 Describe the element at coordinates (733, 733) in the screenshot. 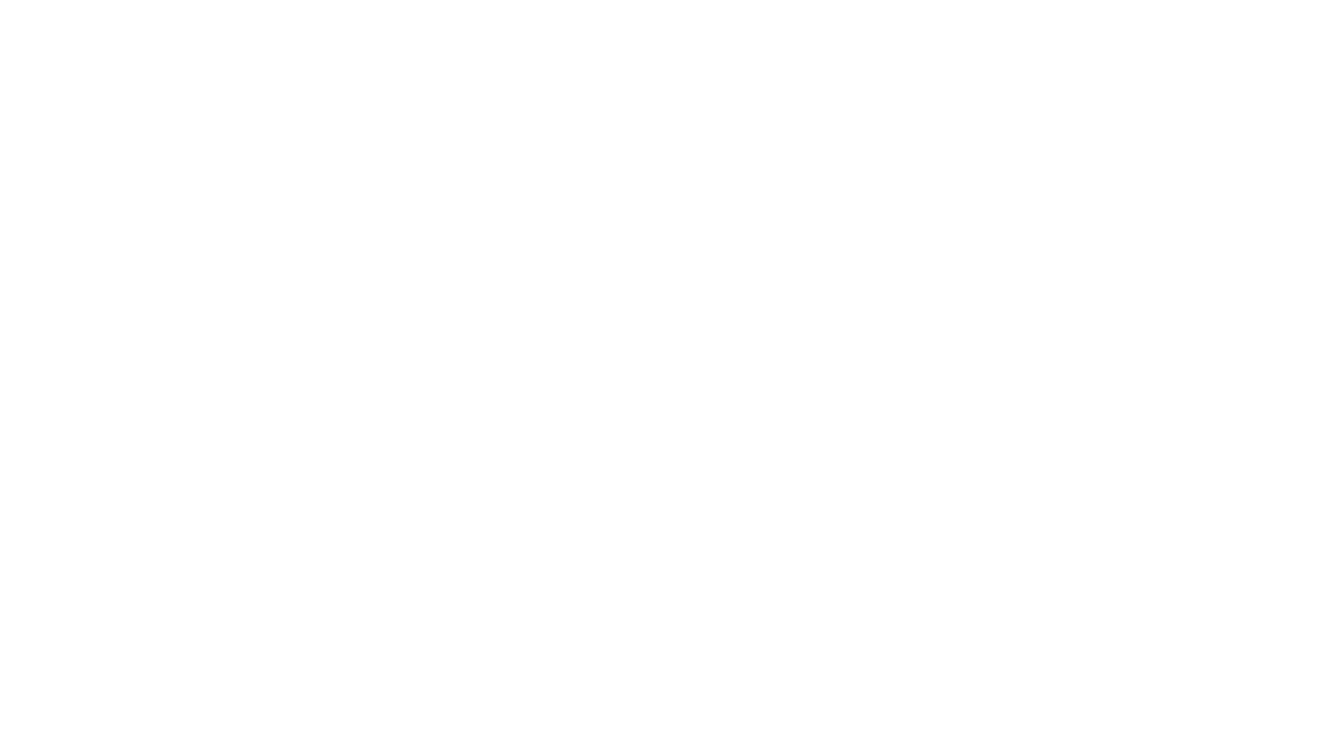

I see `'Cloudflare'` at that location.